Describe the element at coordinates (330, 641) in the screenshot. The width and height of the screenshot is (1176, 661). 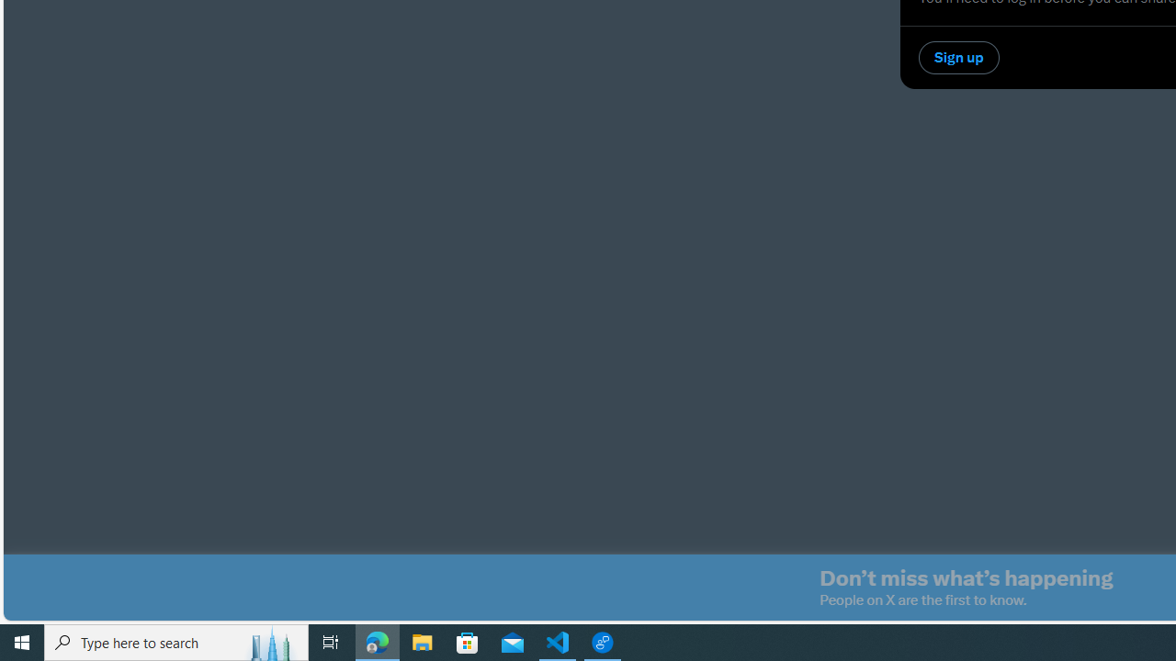
I see `'Task View'` at that location.